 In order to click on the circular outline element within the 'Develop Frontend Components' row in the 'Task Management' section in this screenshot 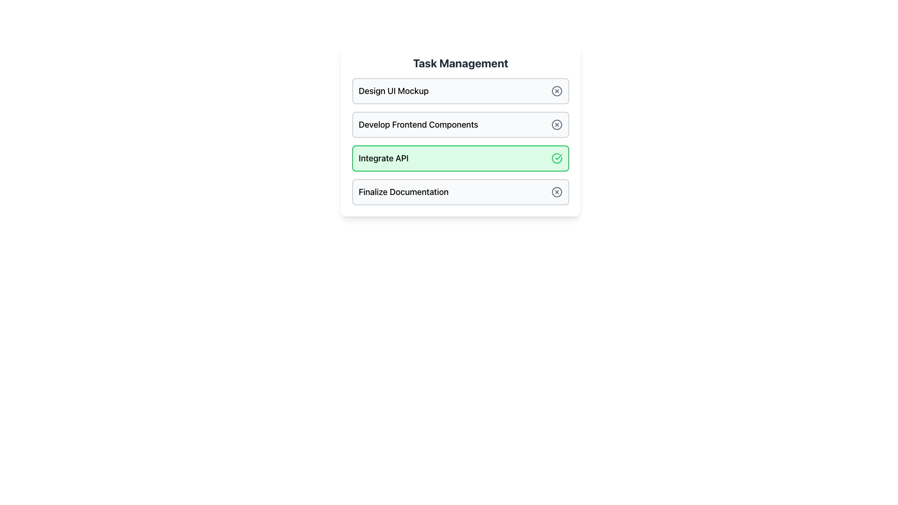, I will do `click(557, 124)`.